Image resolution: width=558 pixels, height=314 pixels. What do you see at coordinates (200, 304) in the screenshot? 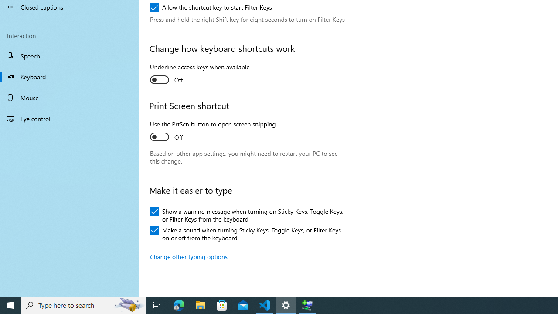
I see `'File Explorer'` at bounding box center [200, 304].